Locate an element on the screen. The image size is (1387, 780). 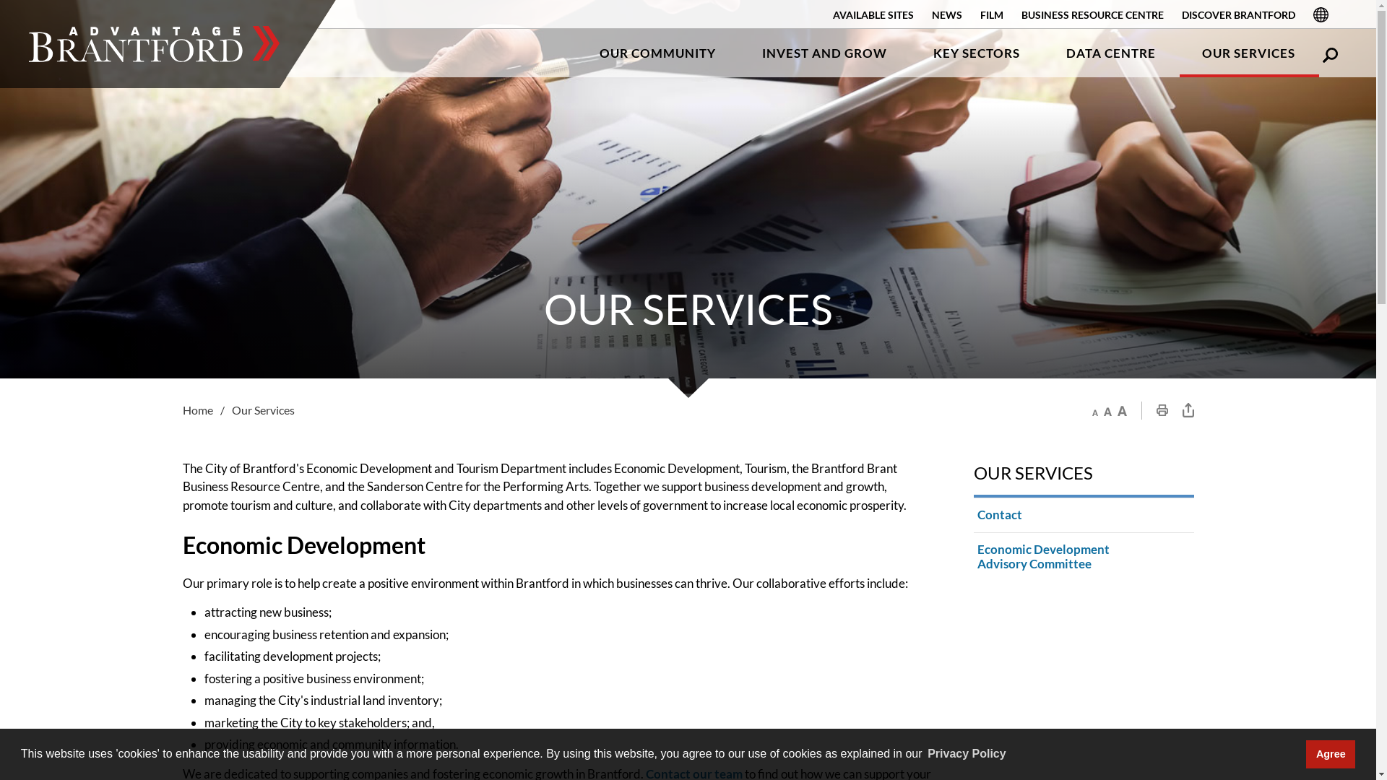
'View our Homepage' is located at coordinates (154, 43).